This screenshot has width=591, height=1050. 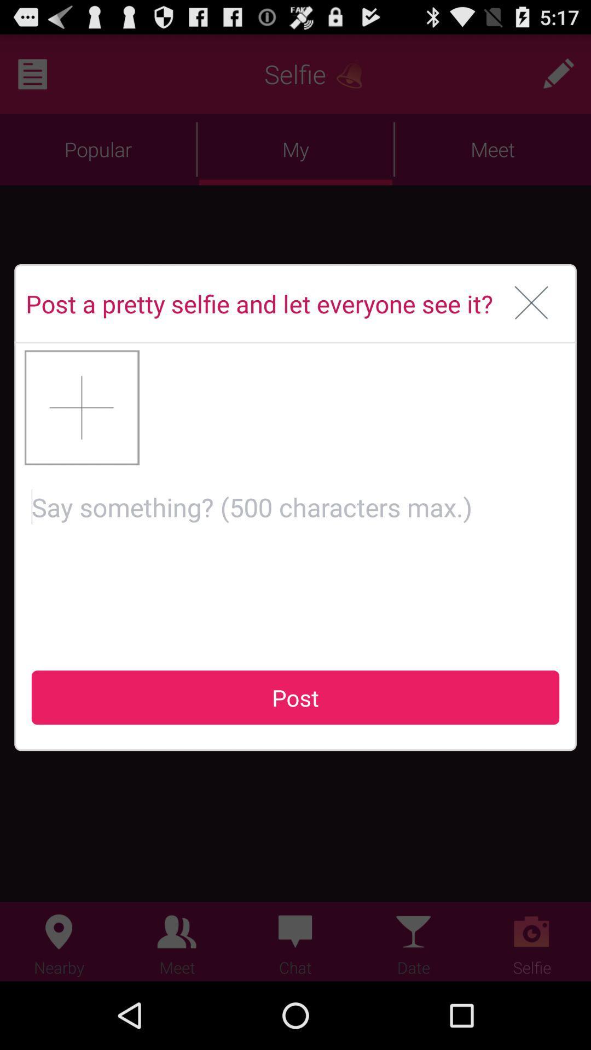 I want to click on photo, so click(x=82, y=407).